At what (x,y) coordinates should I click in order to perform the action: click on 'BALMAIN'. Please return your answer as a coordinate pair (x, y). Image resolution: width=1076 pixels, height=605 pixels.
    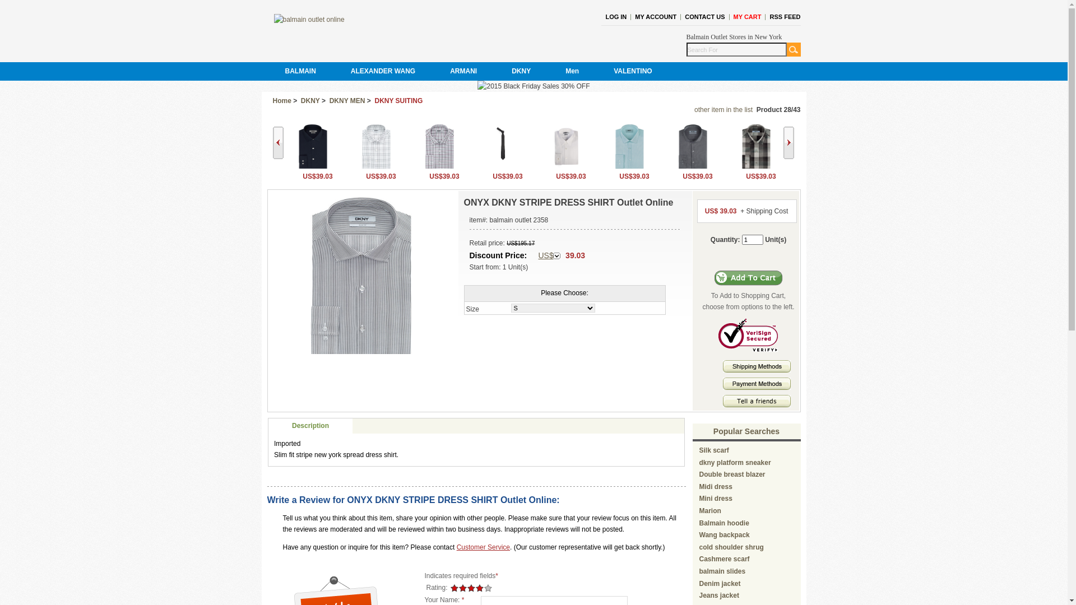
    Looking at the image, I should click on (267, 71).